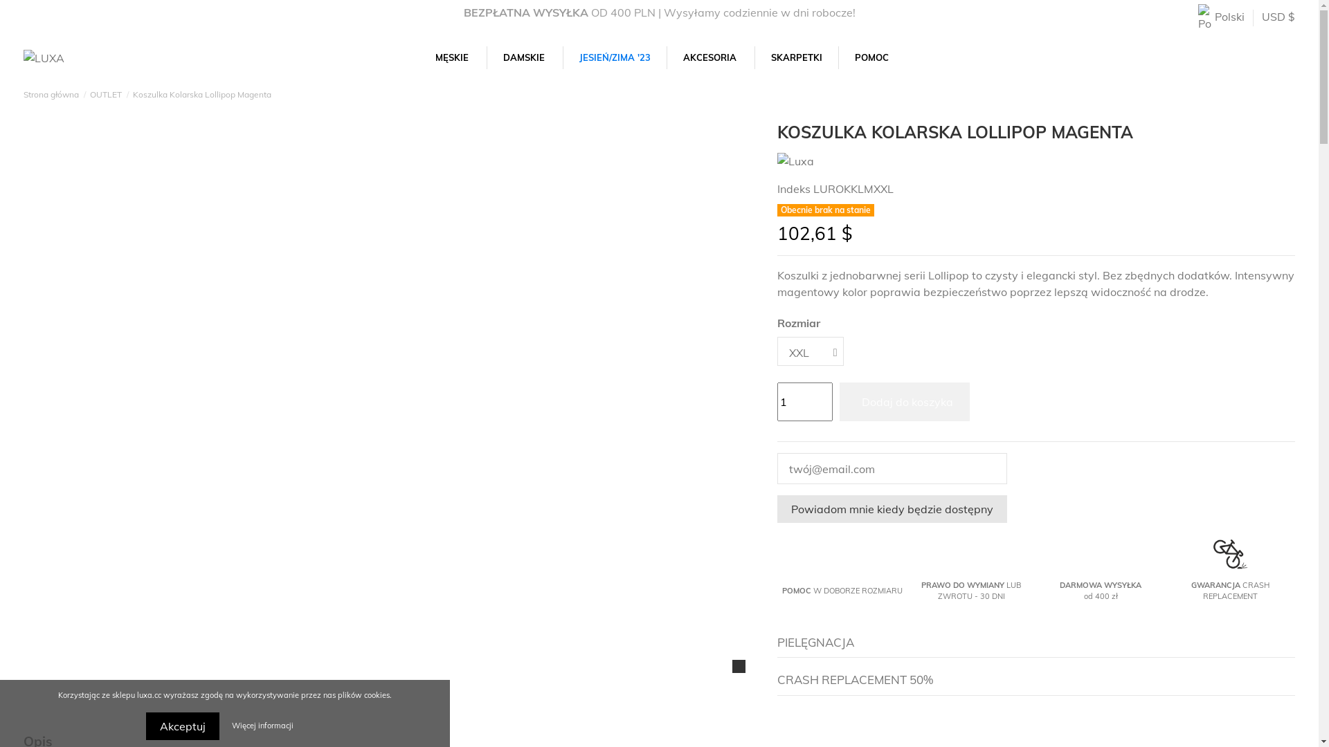 This screenshot has height=747, width=1329. What do you see at coordinates (796, 57) in the screenshot?
I see `'SKARPETKI'` at bounding box center [796, 57].